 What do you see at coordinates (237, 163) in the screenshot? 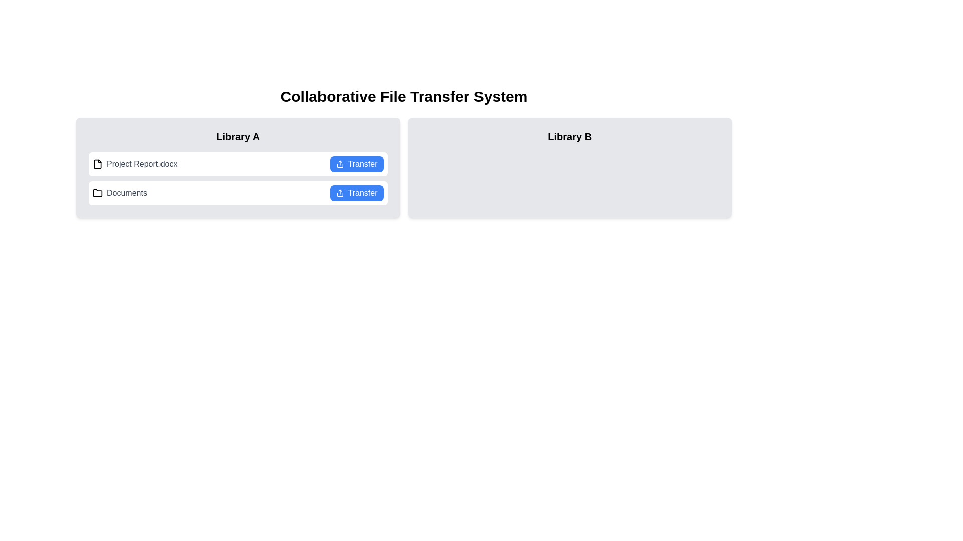
I see `the first list item representing the file 'Project Report.docx'` at bounding box center [237, 163].